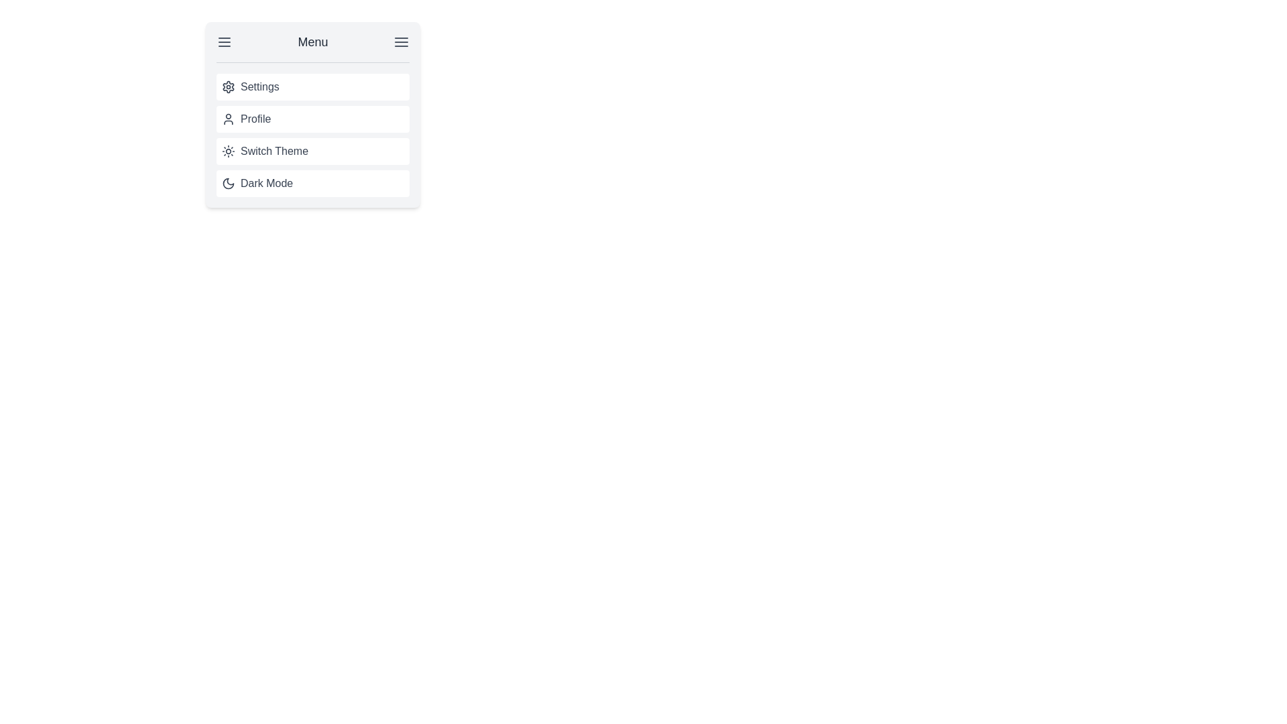 The height and width of the screenshot is (724, 1287). I want to click on the crescent moon icon representing the 'Dark Mode' feature, which is located within a rectangular button to the left of the 'Dark Mode' text in a vertical menu, so click(228, 183).